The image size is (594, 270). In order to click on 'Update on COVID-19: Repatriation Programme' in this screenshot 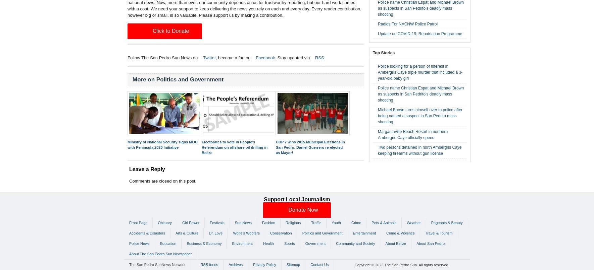, I will do `click(378, 33)`.